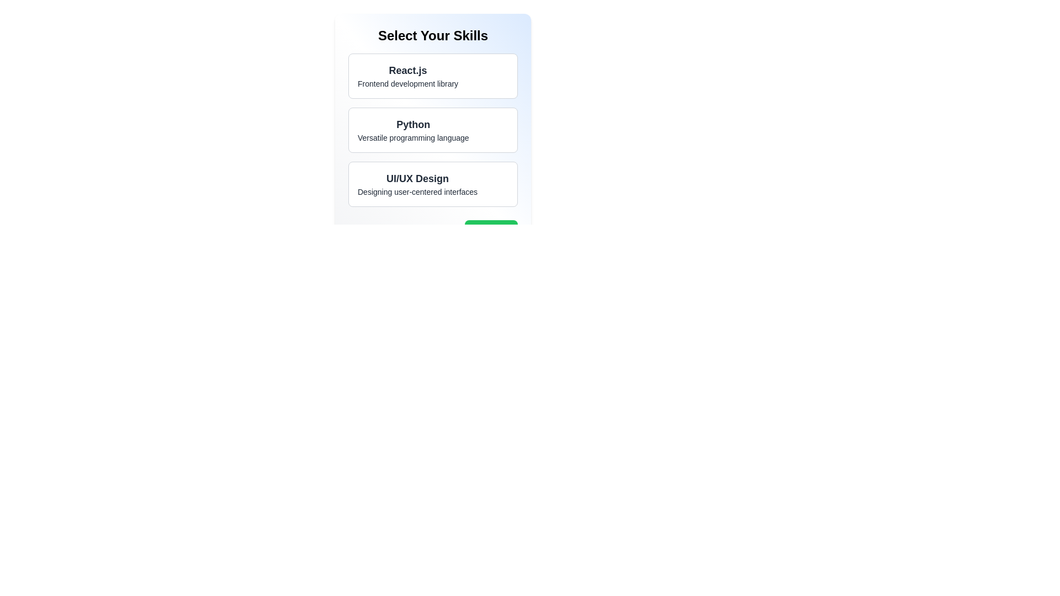 The image size is (1060, 596). What do you see at coordinates (490, 231) in the screenshot?
I see `the confirm button to confirm the selection` at bounding box center [490, 231].